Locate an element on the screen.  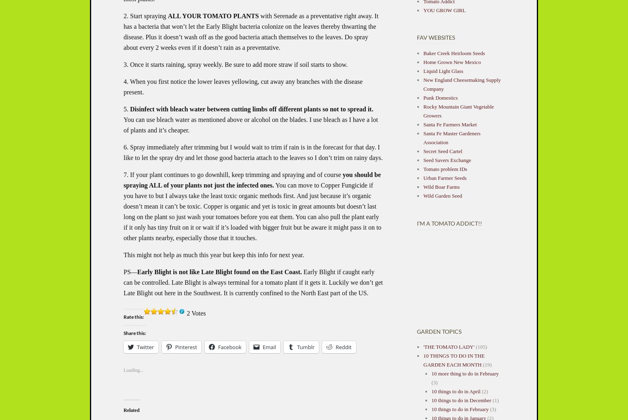
'Urban Farmer Seeds' is located at coordinates (444, 177).